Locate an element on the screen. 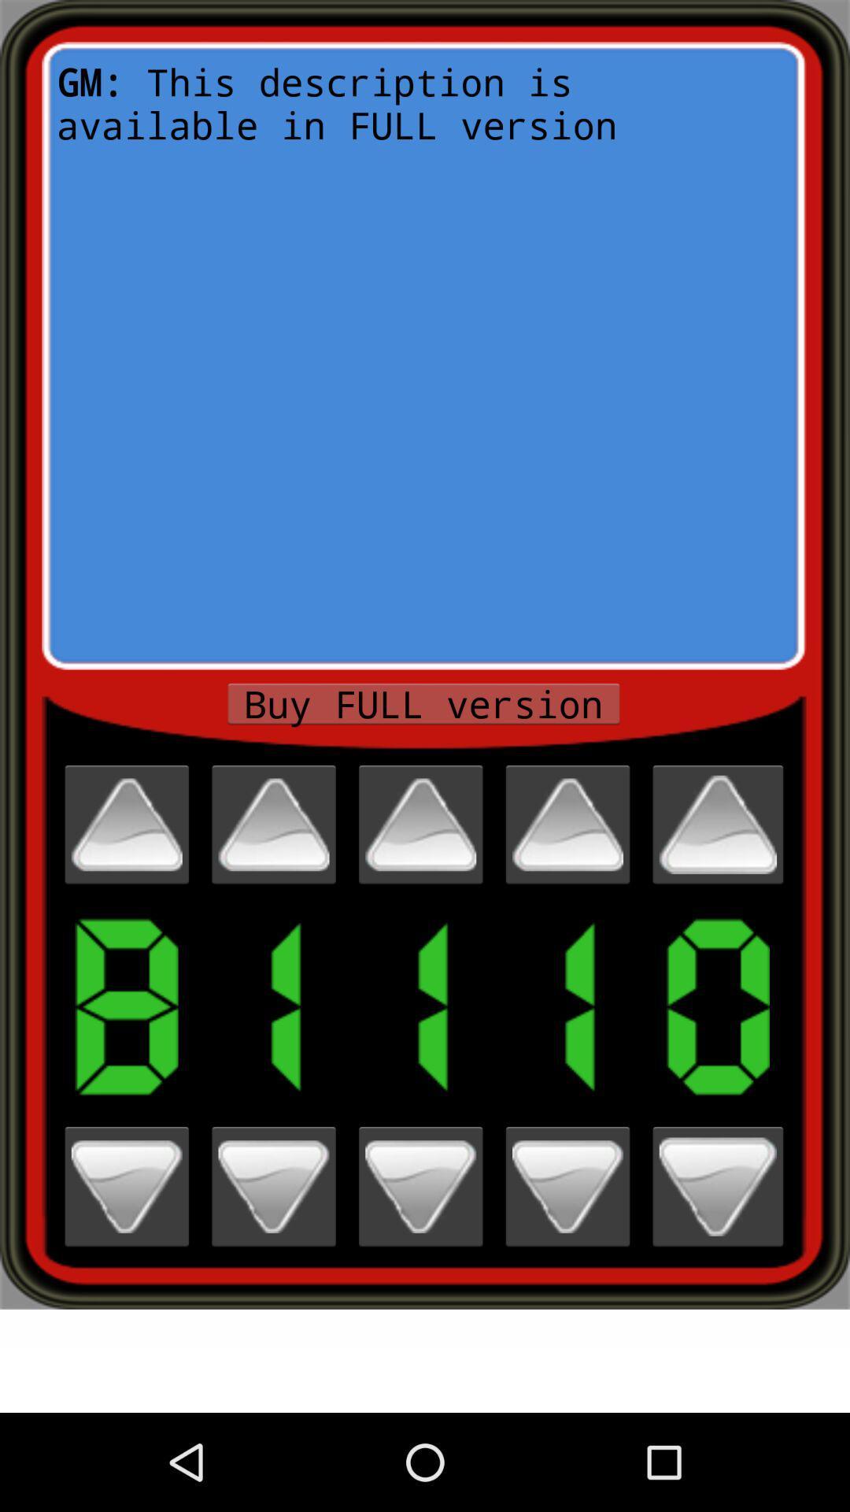  click on triangle is located at coordinates (567, 824).